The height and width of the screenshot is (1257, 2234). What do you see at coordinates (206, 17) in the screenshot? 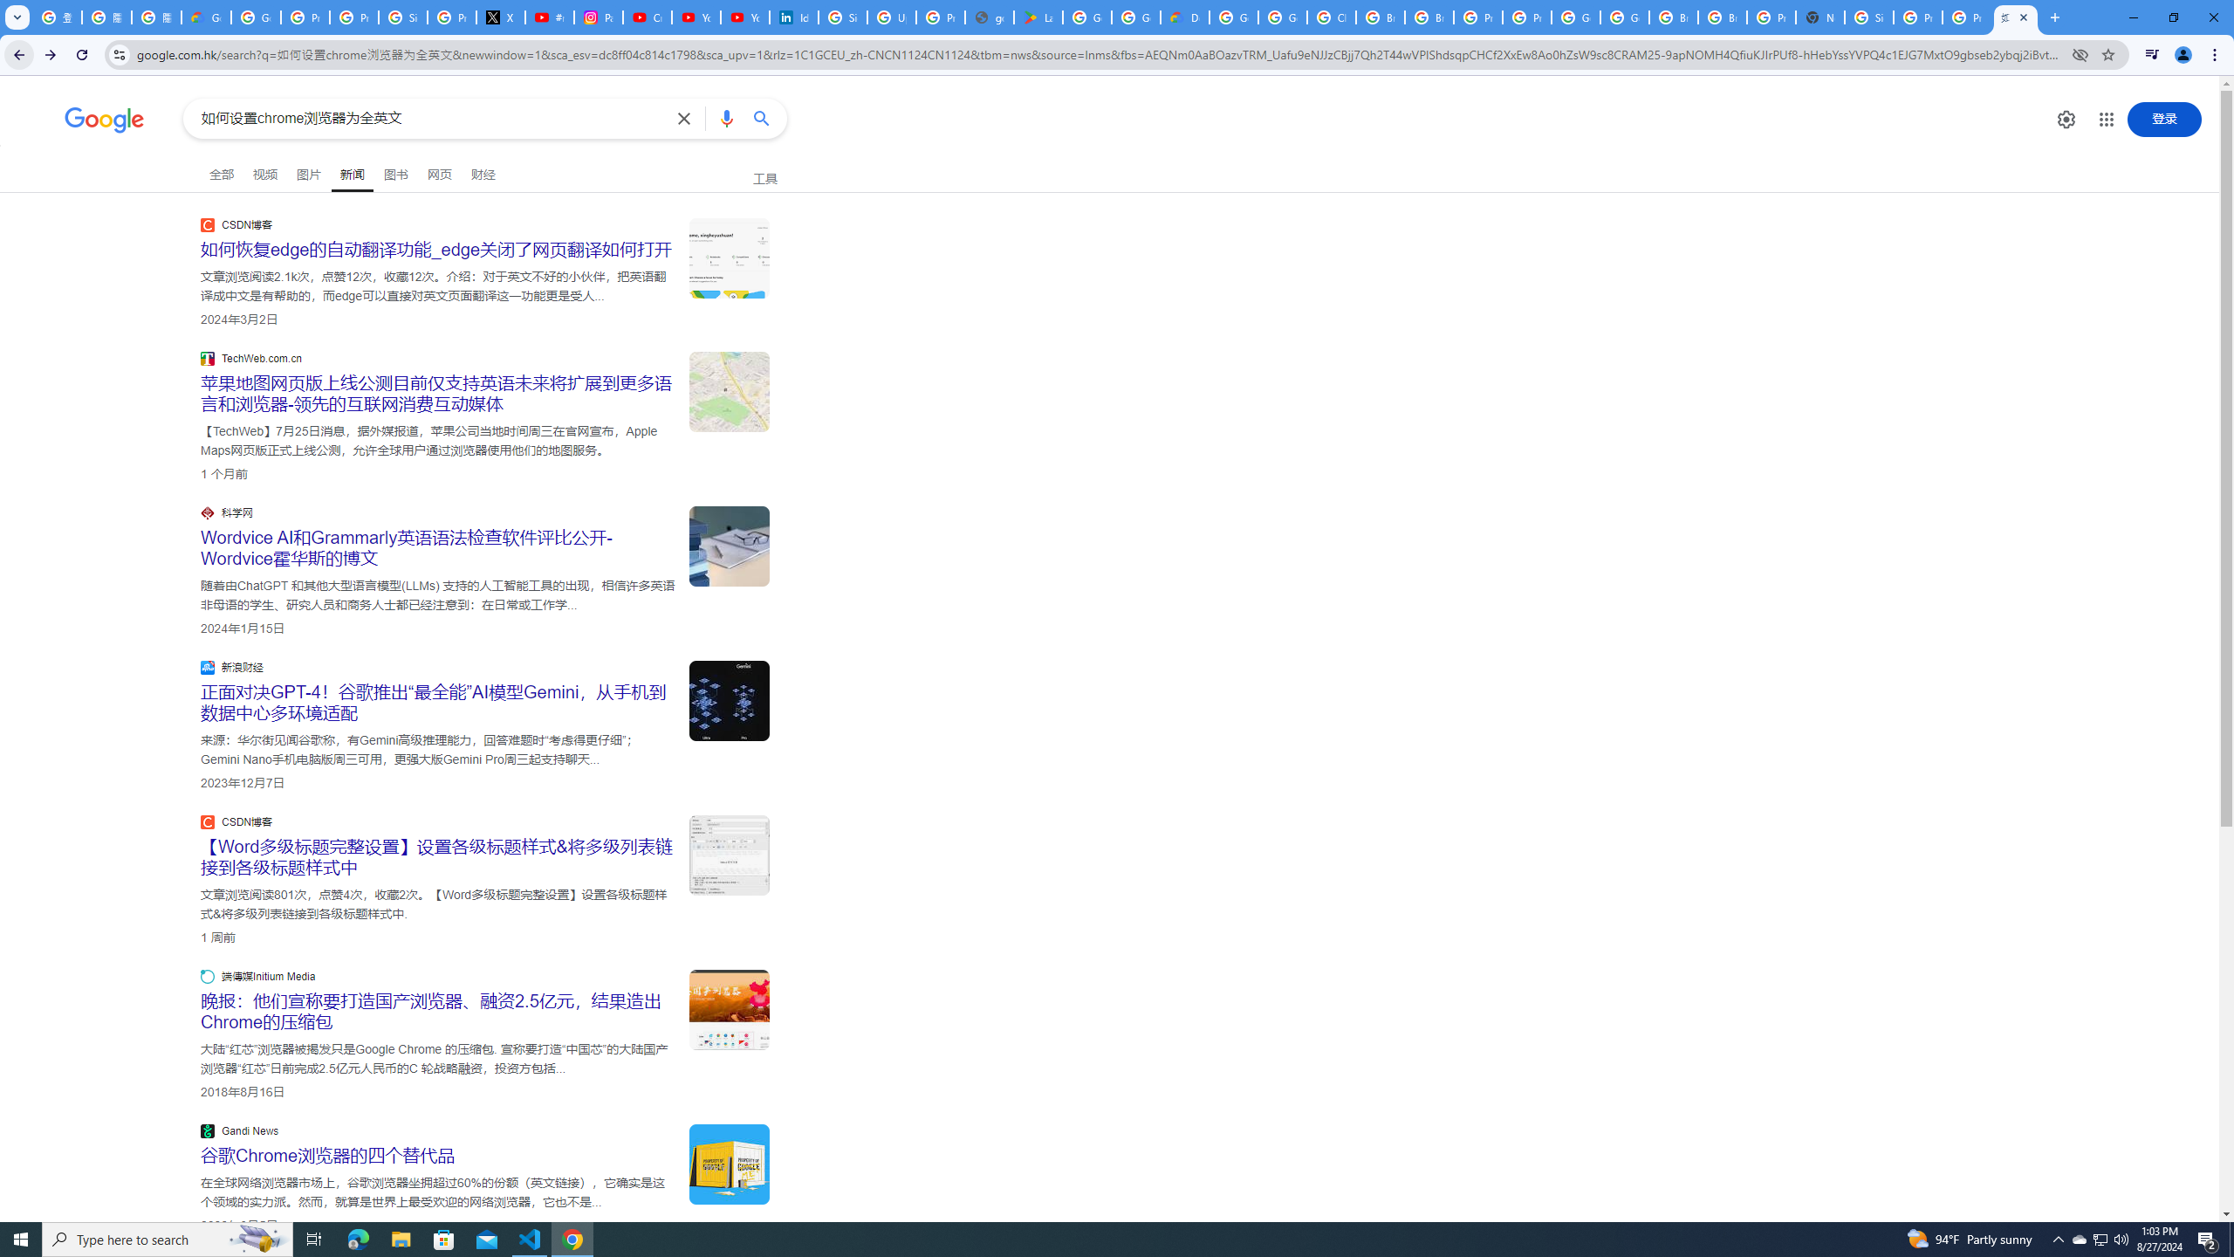
I see `'Google Cloud Privacy Notice'` at bounding box center [206, 17].